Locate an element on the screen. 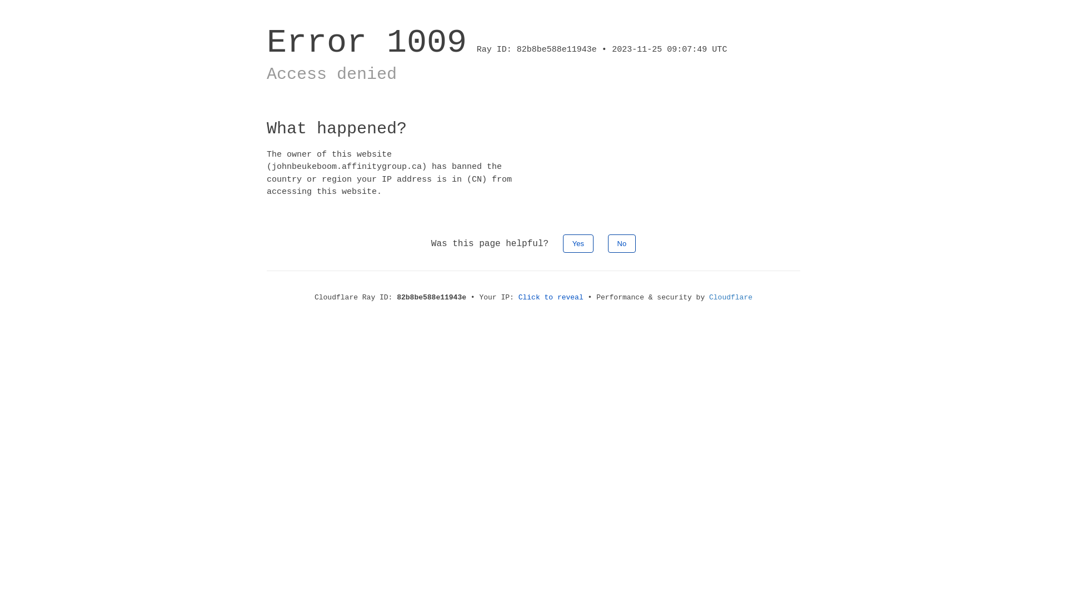 The image size is (1067, 600). 'Click to reveal' is located at coordinates (551, 297).